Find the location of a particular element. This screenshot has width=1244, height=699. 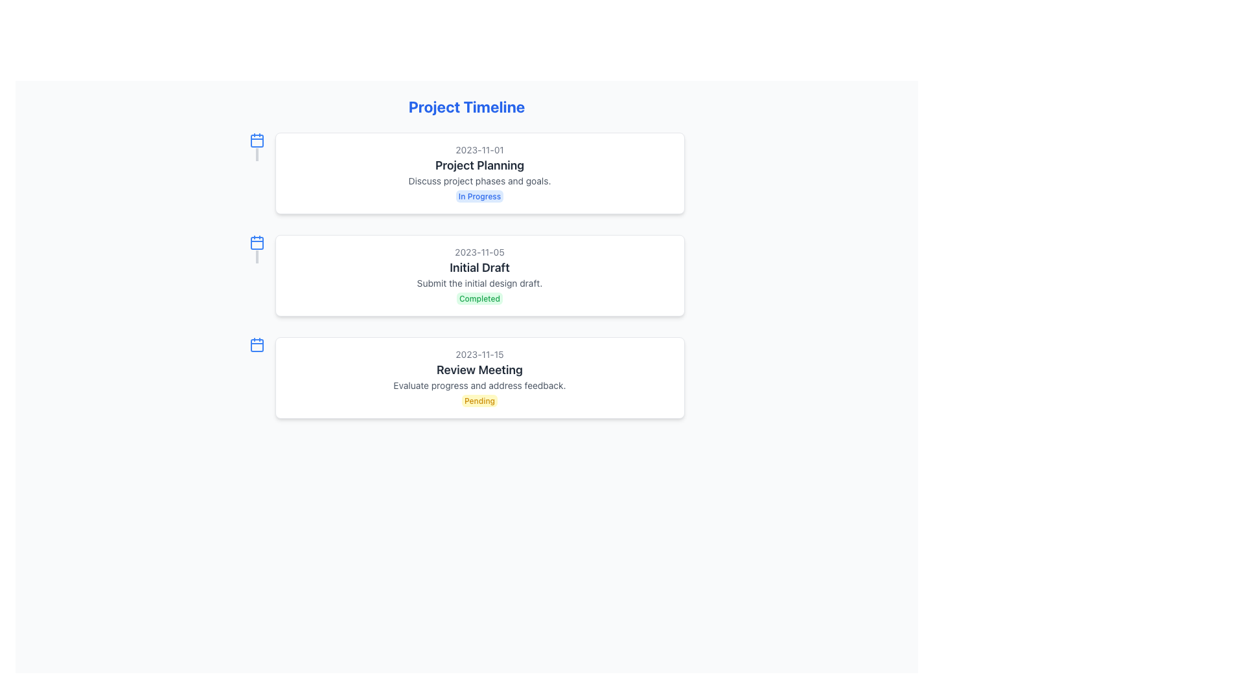

the date or time-related icon positioned to the left of the text 'Project Planning' in the timeline layout is located at coordinates (257, 140).